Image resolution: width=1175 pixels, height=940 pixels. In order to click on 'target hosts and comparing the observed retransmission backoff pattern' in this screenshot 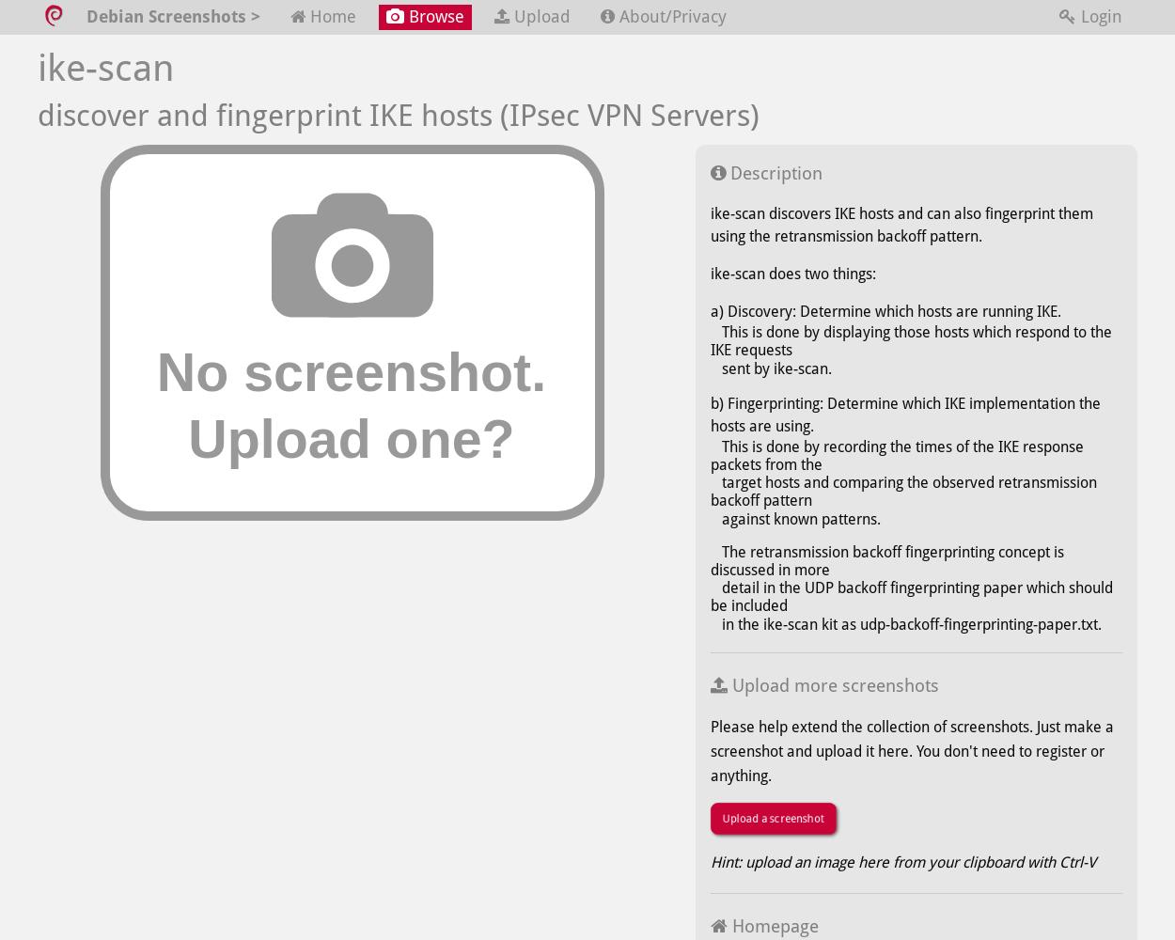, I will do `click(902, 492)`.